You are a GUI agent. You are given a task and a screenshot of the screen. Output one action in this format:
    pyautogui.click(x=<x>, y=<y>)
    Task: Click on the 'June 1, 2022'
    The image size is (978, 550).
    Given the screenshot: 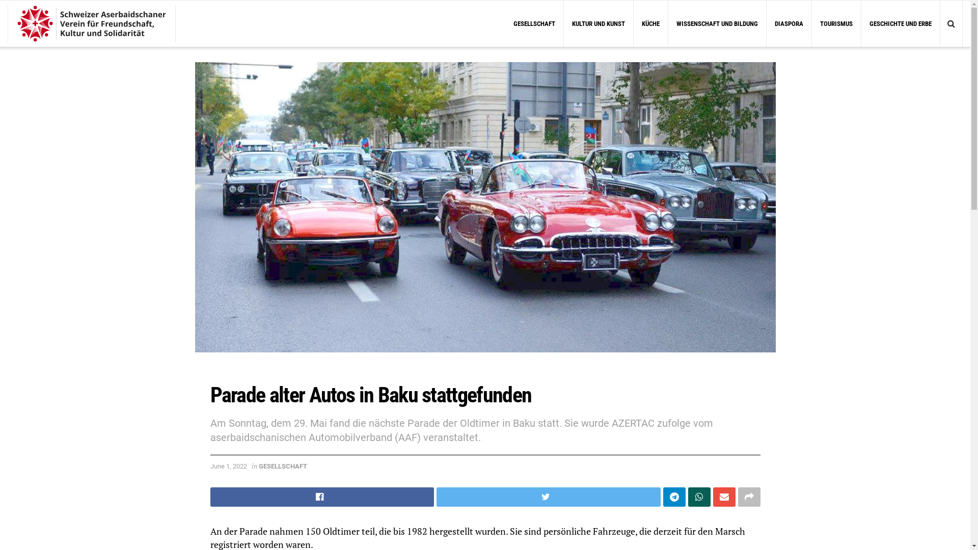 What is the action you would take?
    pyautogui.click(x=209, y=466)
    